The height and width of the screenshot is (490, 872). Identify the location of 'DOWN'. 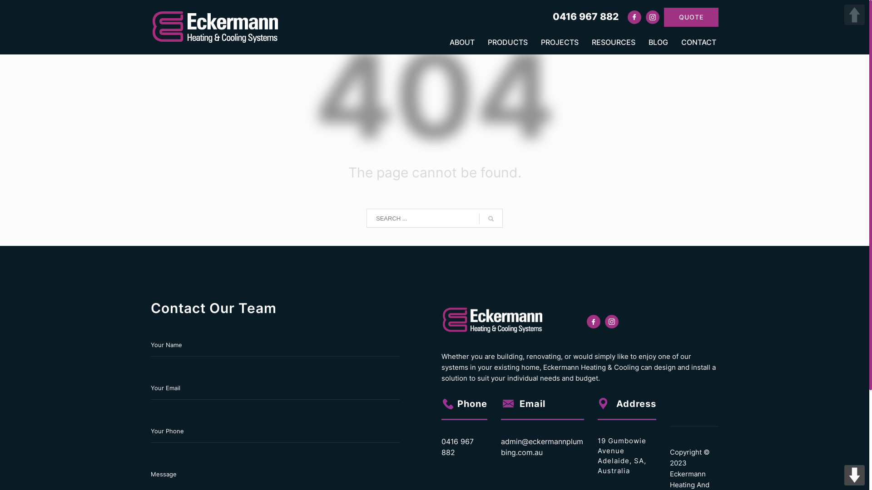
(854, 475).